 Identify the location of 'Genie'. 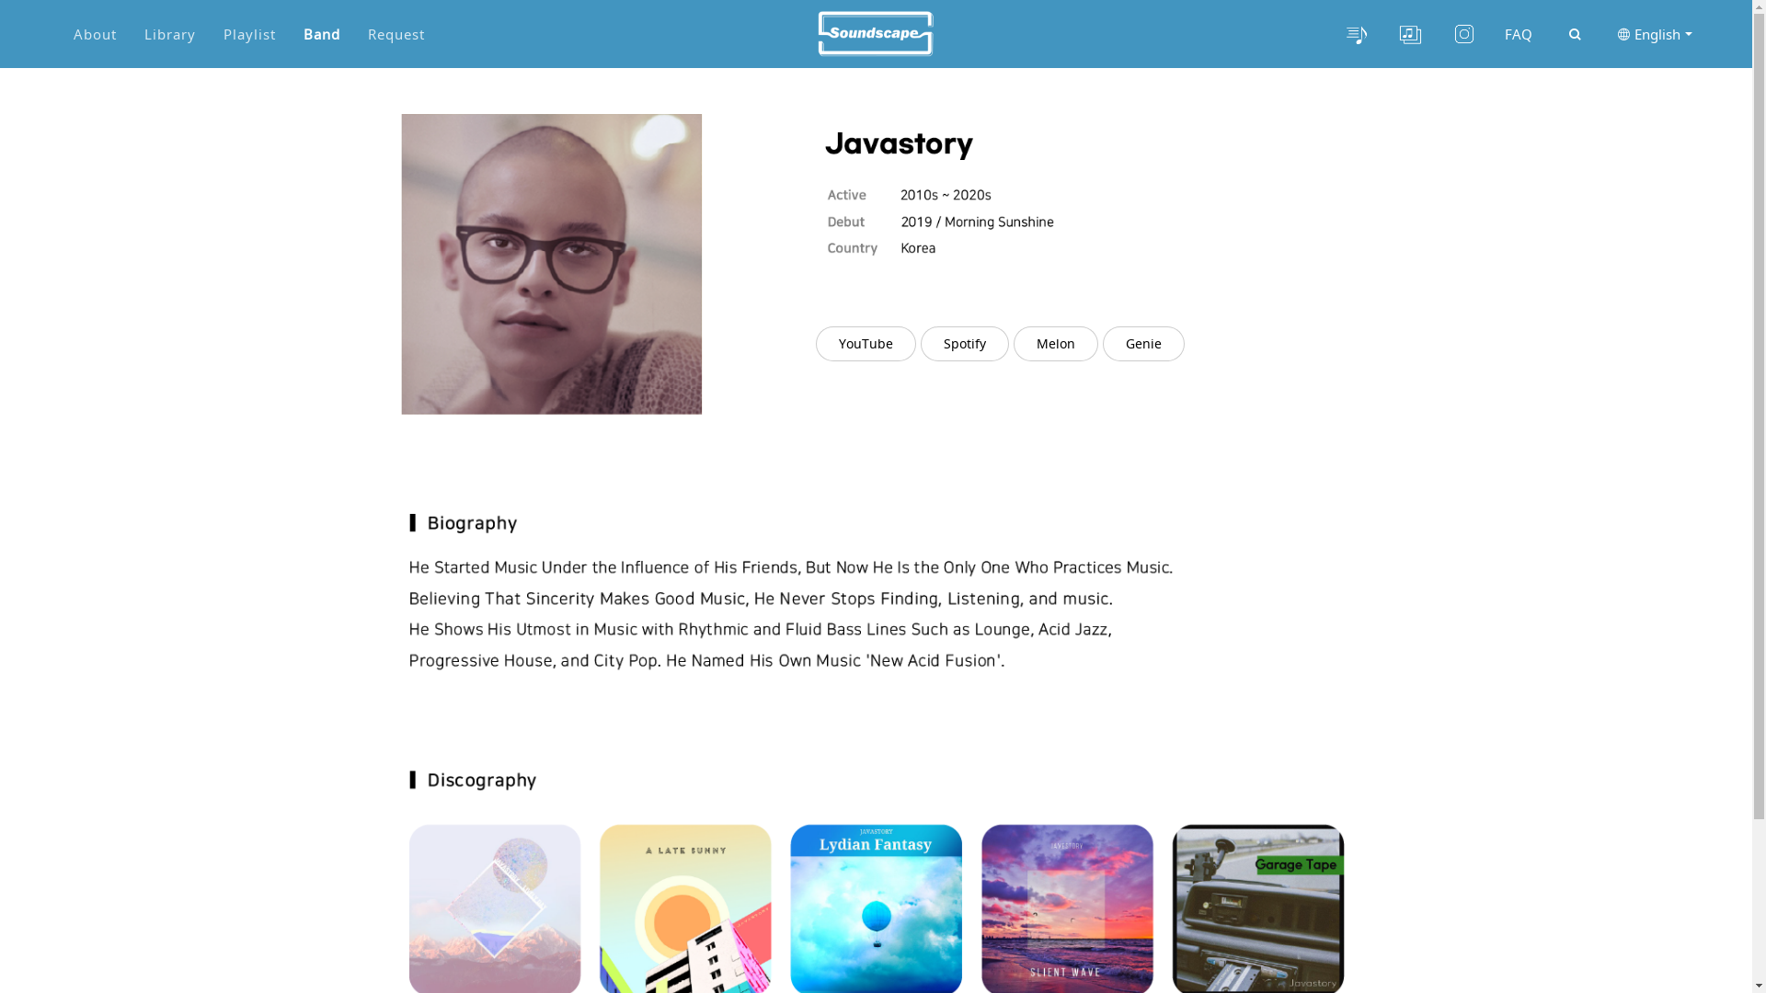
(1142, 344).